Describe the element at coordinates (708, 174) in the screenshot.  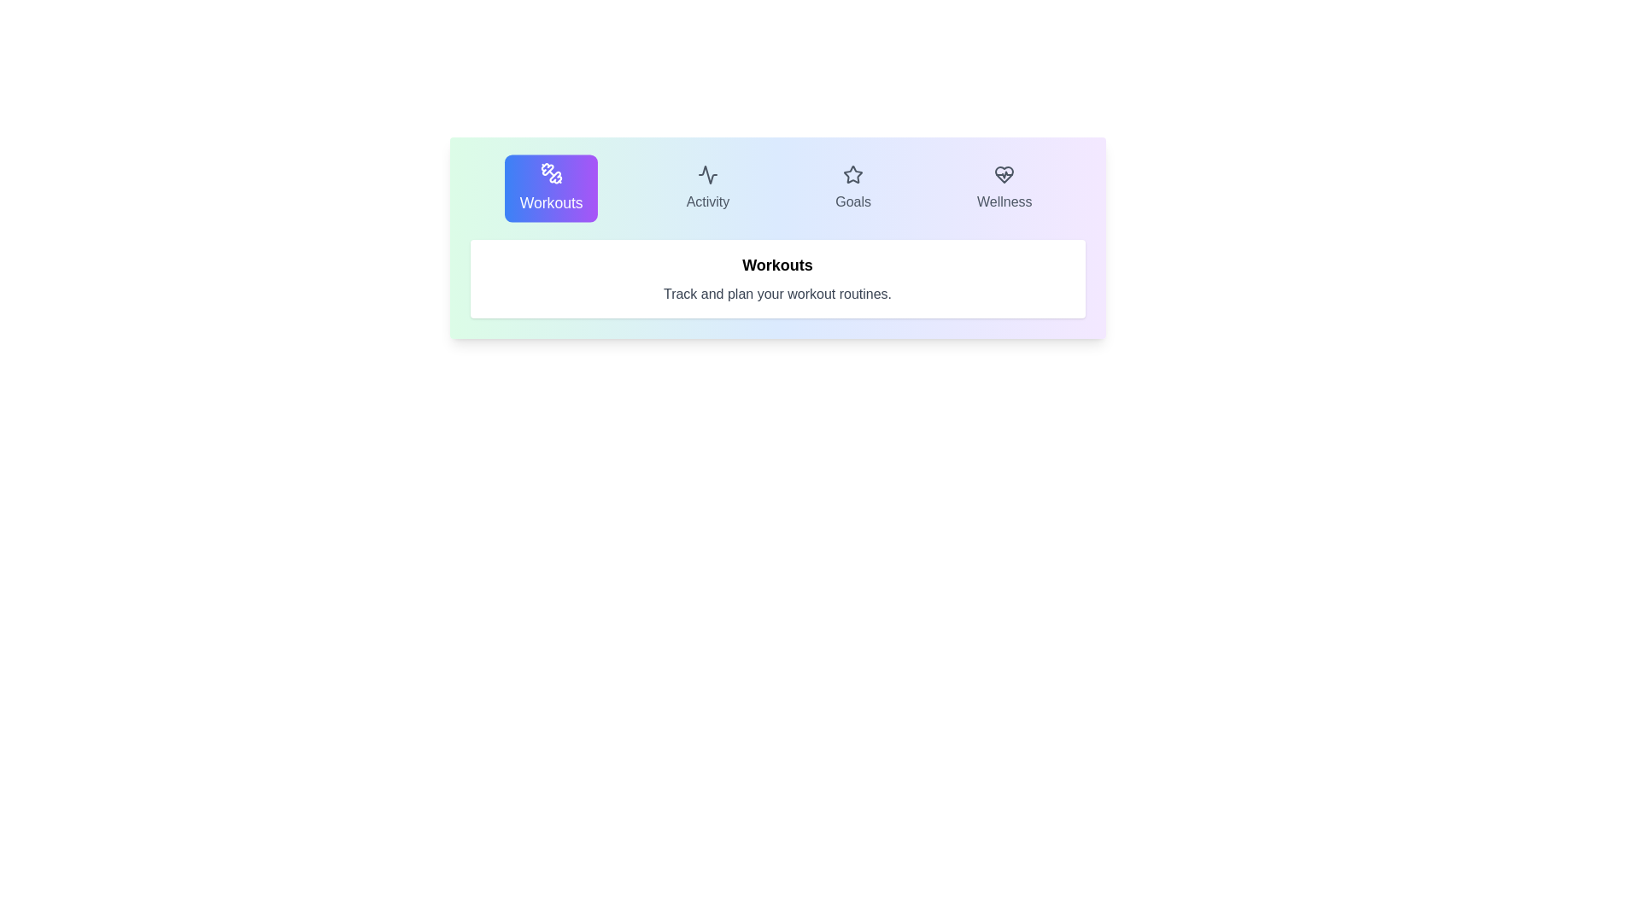
I see `the 'Activity' icon located at the top and central part of the button labeled 'Activity' in the horizontal navigation bar` at that location.